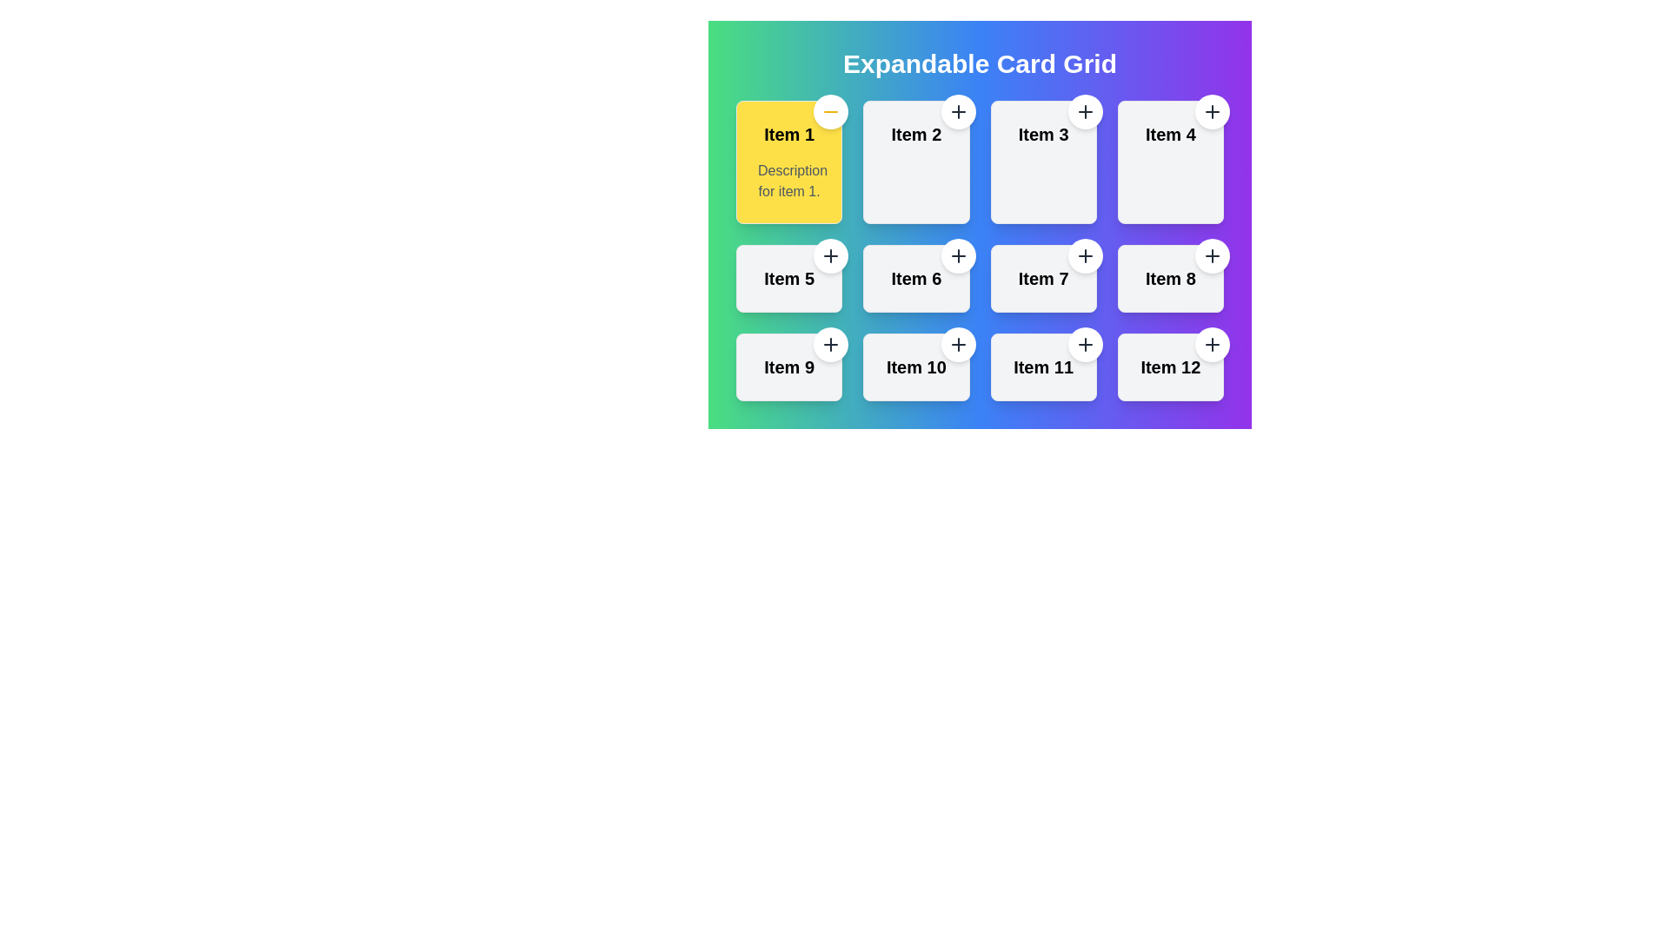  I want to click on the text label displaying 'Item 11' which is styled in a larger bold black font, located in the bottom-right corner of the interface within a grid layout, so click(1043, 367).